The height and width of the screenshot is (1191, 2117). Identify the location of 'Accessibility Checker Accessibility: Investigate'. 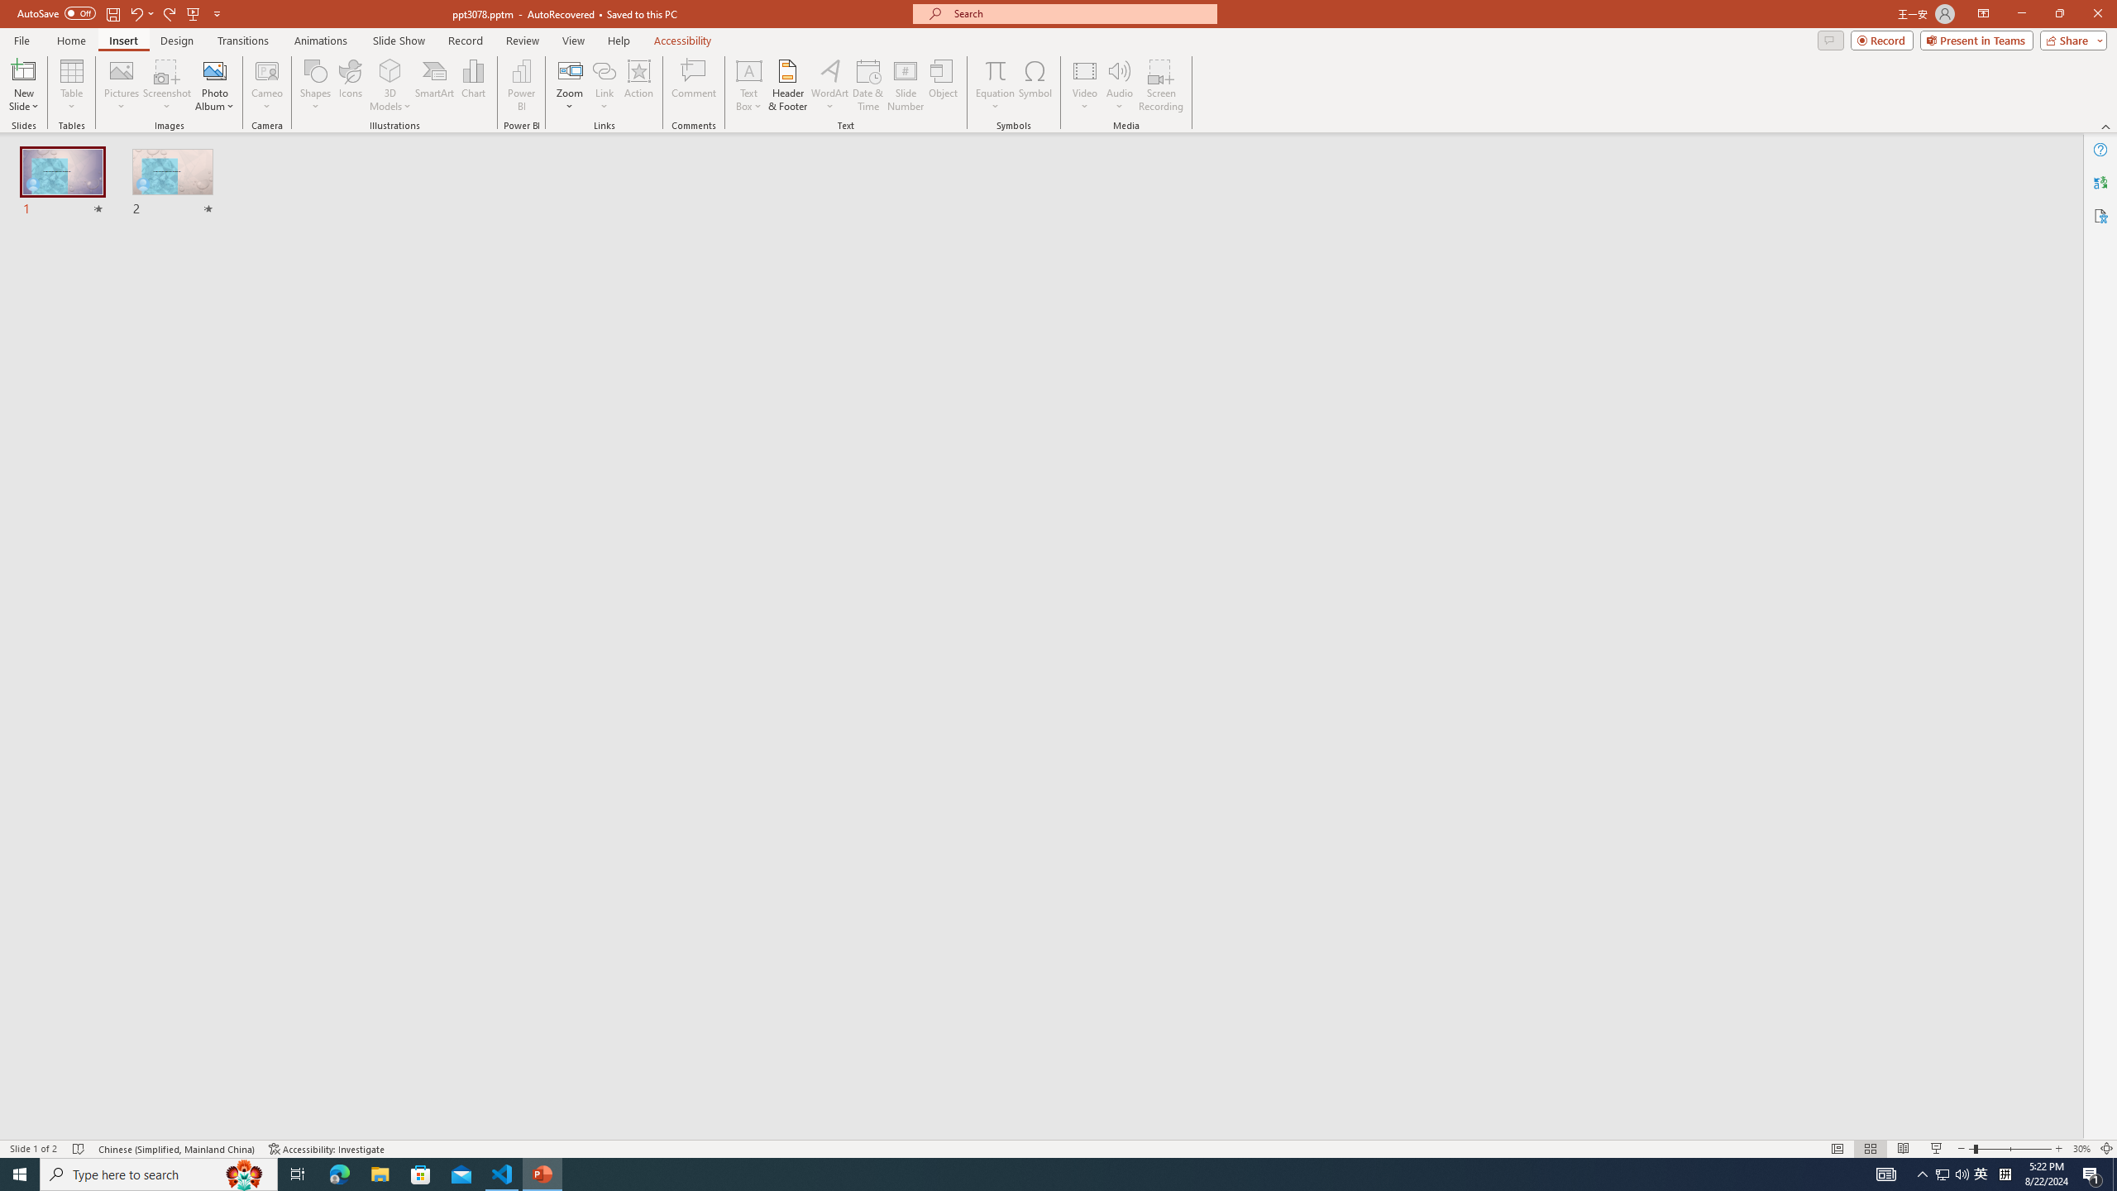
(327, 1149).